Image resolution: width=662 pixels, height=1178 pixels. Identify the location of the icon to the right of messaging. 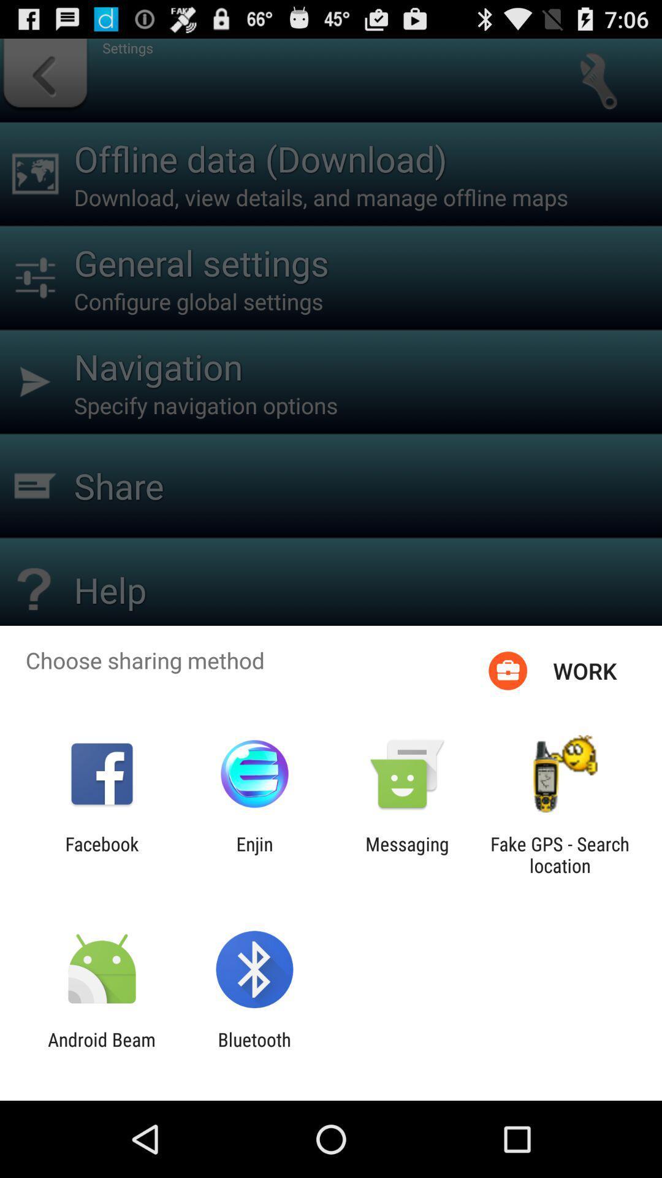
(560, 854).